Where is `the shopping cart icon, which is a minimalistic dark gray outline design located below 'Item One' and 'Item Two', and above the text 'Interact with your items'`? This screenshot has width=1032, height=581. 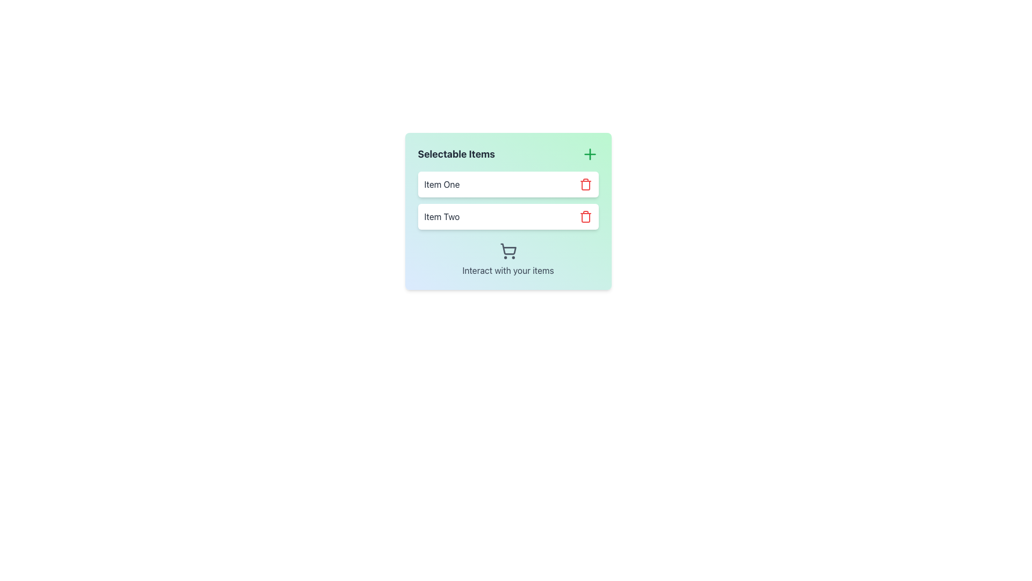
the shopping cart icon, which is a minimalistic dark gray outline design located below 'Item One' and 'Item Two', and above the text 'Interact with your items' is located at coordinates (507, 251).